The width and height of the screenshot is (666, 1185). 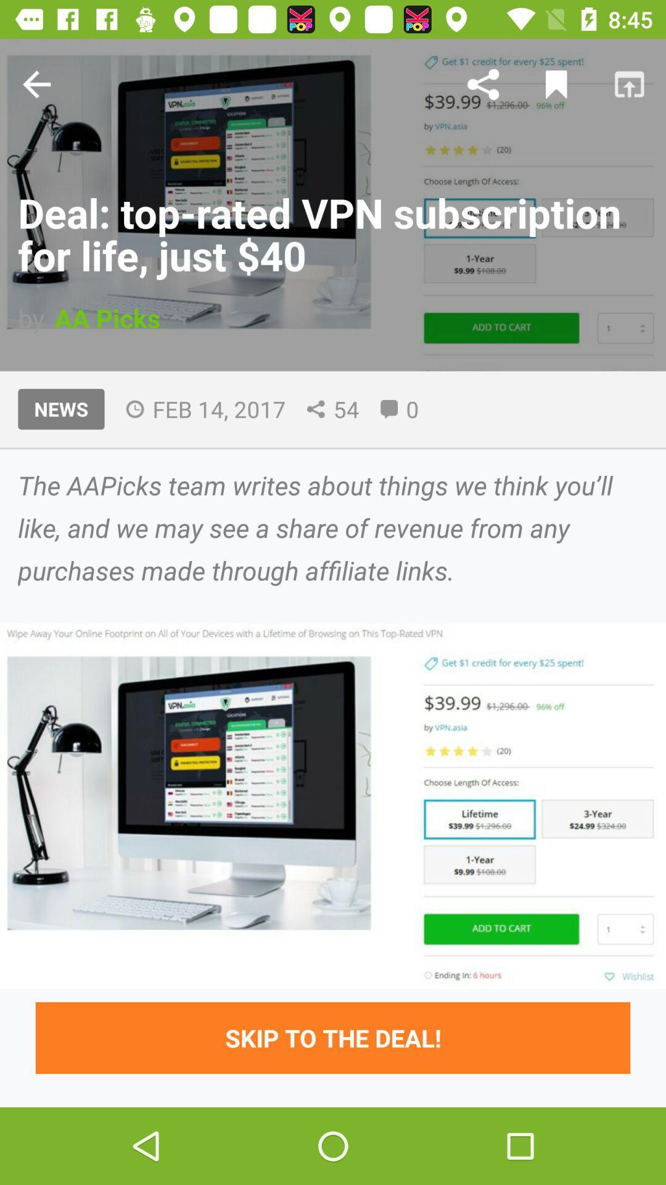 What do you see at coordinates (482, 83) in the screenshot?
I see `the share icon` at bounding box center [482, 83].